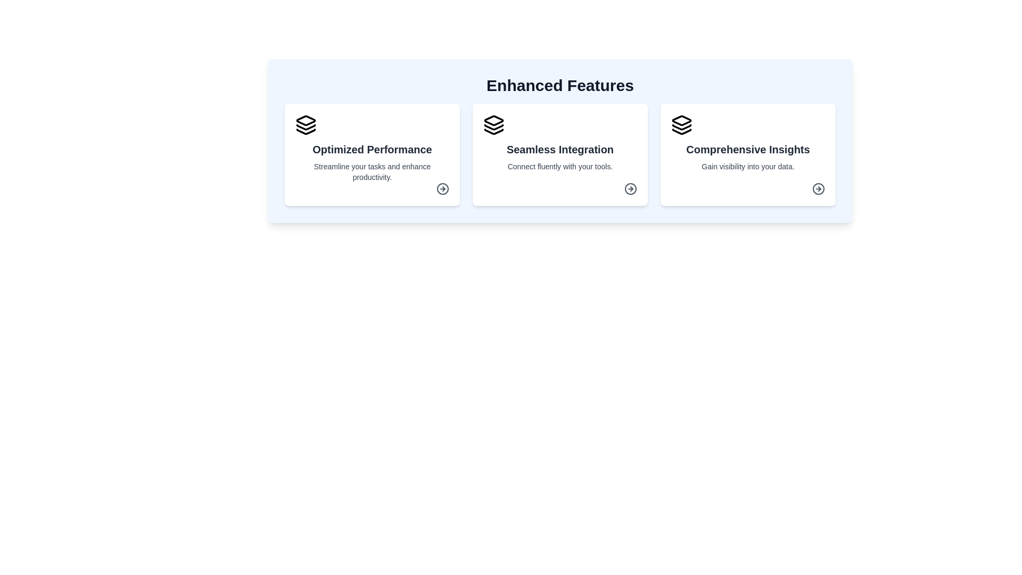 The image size is (1022, 575). I want to click on the 'Optimized Performance' text label, which is styled as a bold heading in dark gray against a white background, located within the leftmost box under 'Enhanced Features.', so click(372, 150).